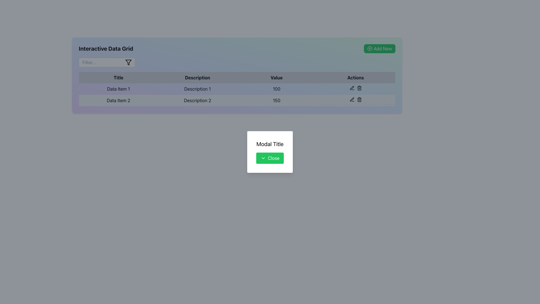 The image size is (540, 304). Describe the element at coordinates (359, 99) in the screenshot. I see `the trash can icon button in the 'Actions' column of the second row in the data table, which indicates a delete action` at that location.